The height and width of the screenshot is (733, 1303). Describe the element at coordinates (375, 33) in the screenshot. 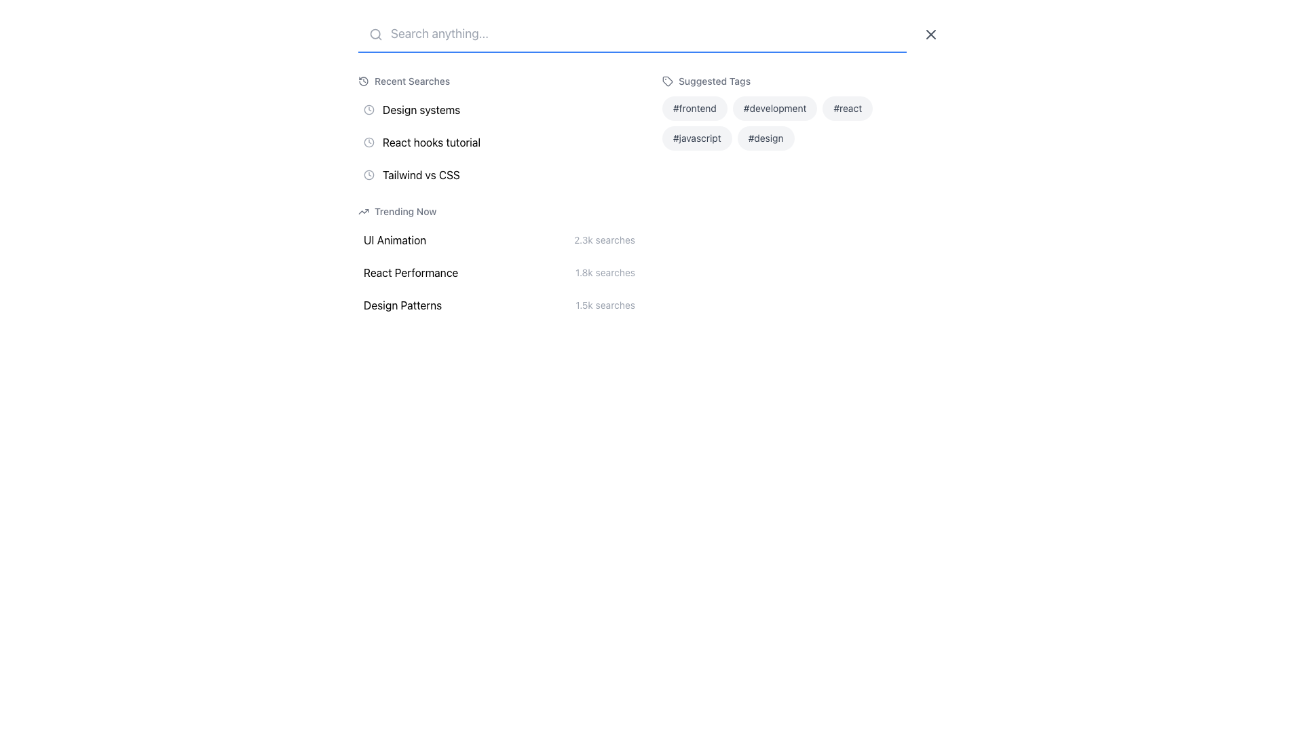

I see `the Search Icon, which is a small magnifying glass styled as a search indicator located at the left side of the search bar interface` at that location.